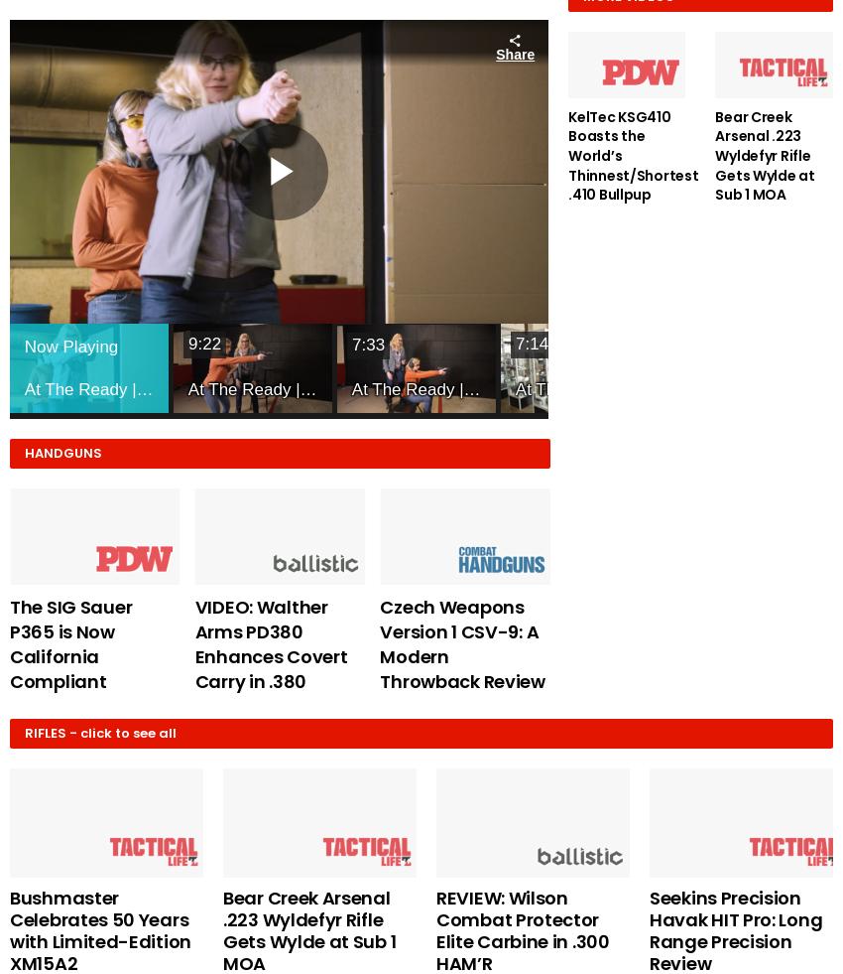  What do you see at coordinates (764, 154) in the screenshot?
I see `'Bear Creek Arsenal .223 Wyldefyr Rifle Gets Wylde at Sub 1 MOA'` at bounding box center [764, 154].